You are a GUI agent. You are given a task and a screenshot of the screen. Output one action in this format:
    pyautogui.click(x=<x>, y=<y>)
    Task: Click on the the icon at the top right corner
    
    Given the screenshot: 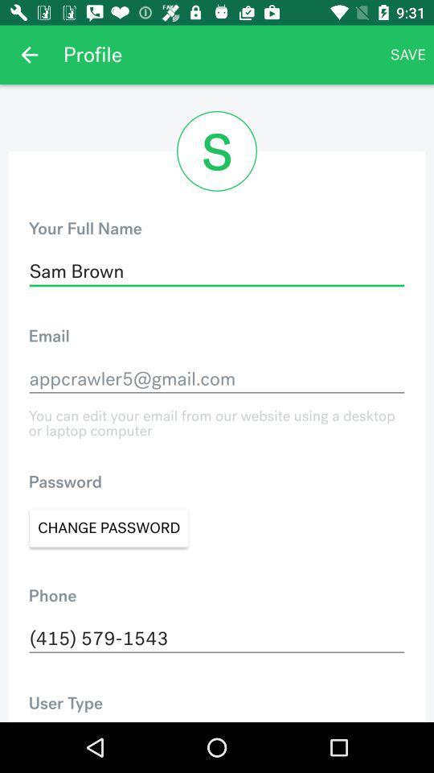 What is the action you would take?
    pyautogui.click(x=407, y=55)
    